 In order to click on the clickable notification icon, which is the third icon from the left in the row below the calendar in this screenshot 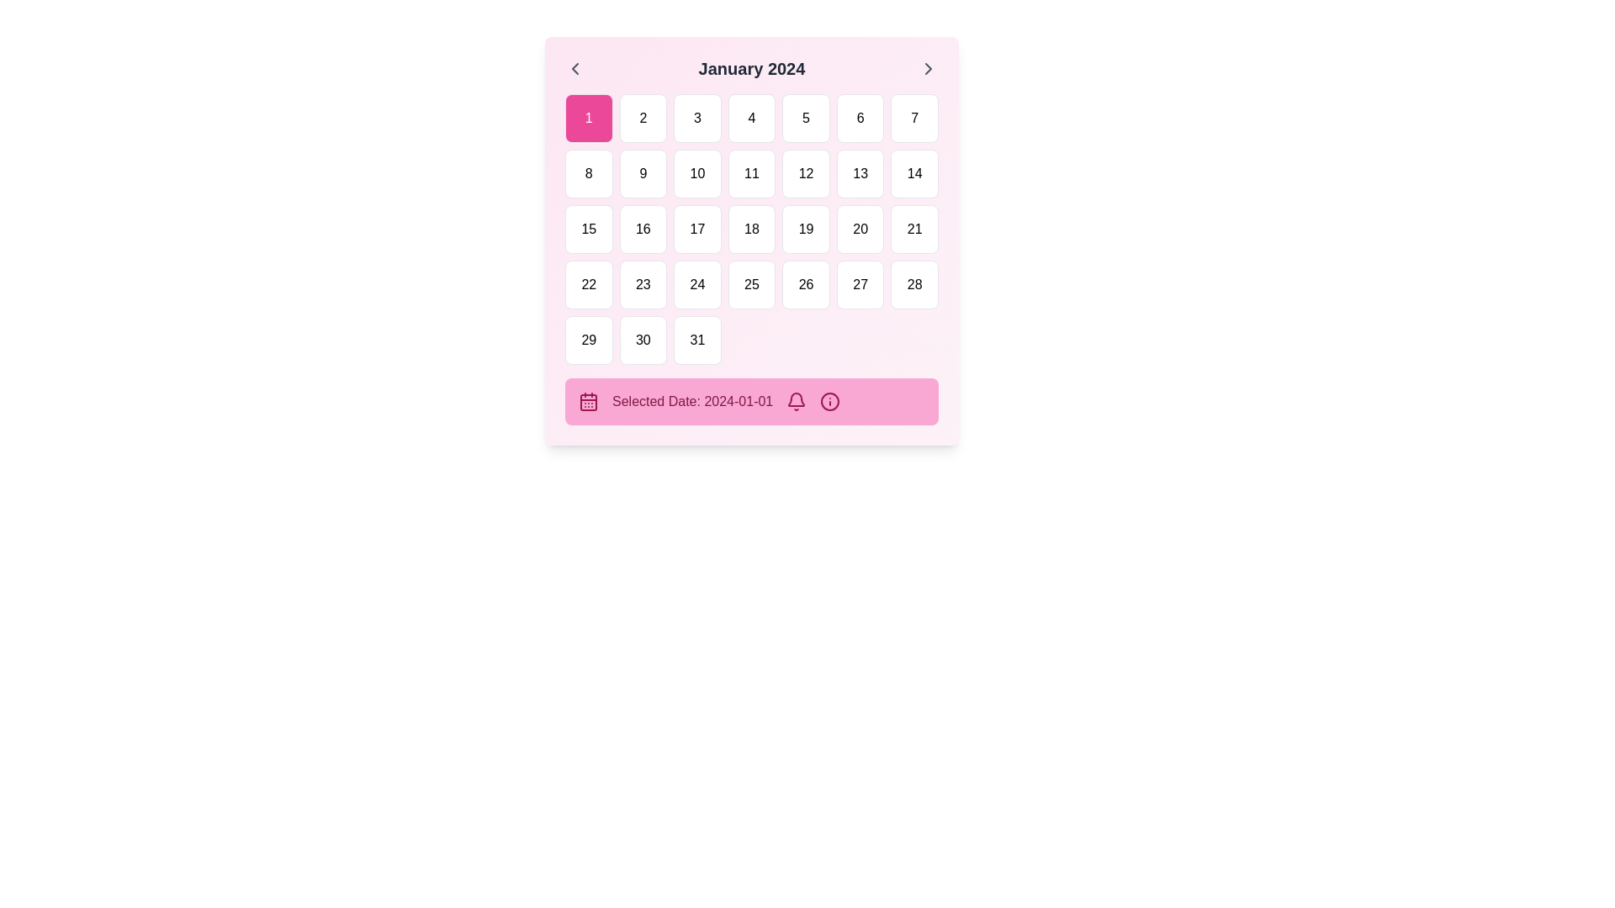, I will do `click(796, 402)`.